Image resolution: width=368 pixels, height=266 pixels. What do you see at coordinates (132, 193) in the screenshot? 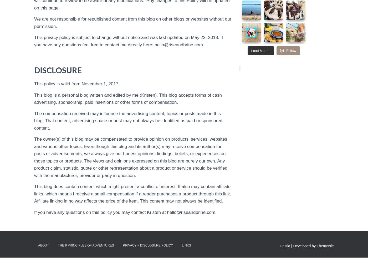
I see `'This blog does contain content which might present a conflict of interest. It also may contain affiliate links, which means I receive a small compensation if a reader purchases a product through this link. Affiliate linking in no way affects the price of the item. This content may not always be identified.'` at bounding box center [132, 193].